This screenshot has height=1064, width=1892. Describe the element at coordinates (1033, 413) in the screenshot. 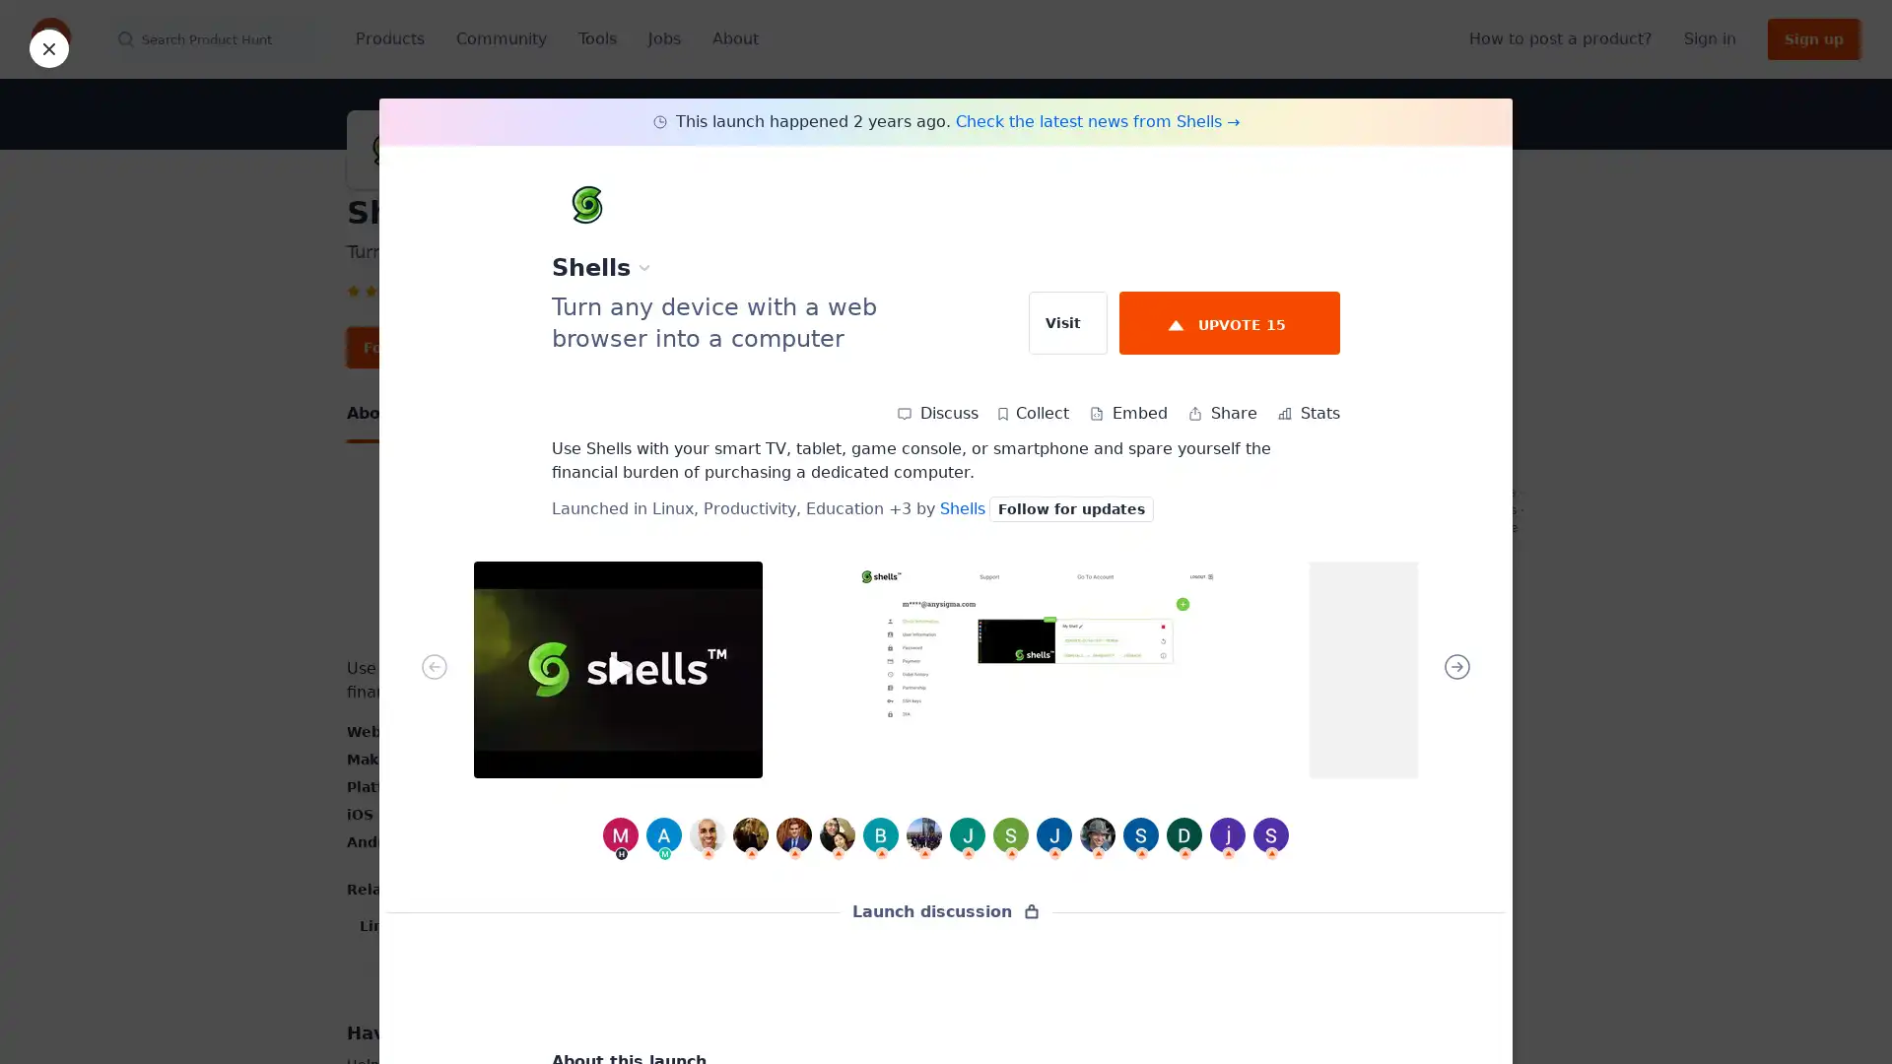

I see `Collect` at that location.